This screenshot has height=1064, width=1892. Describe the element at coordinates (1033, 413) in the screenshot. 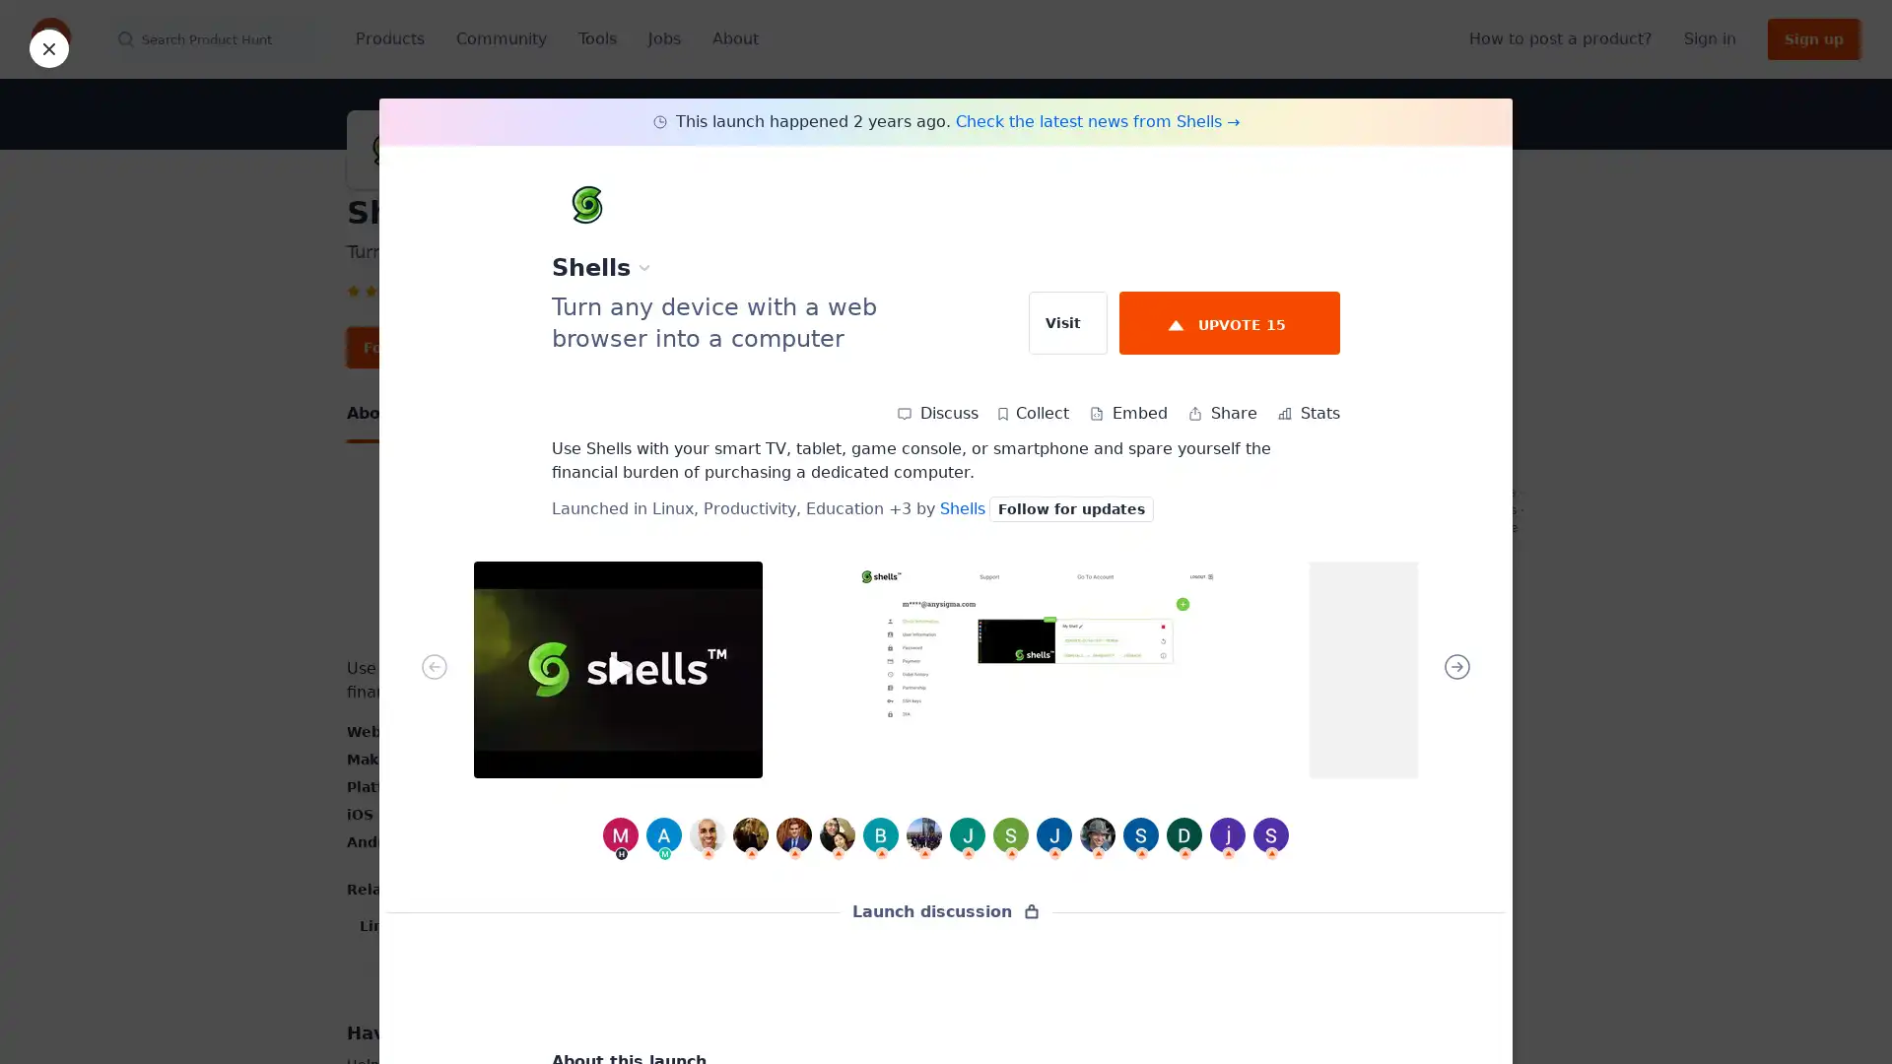

I see `Collect` at that location.